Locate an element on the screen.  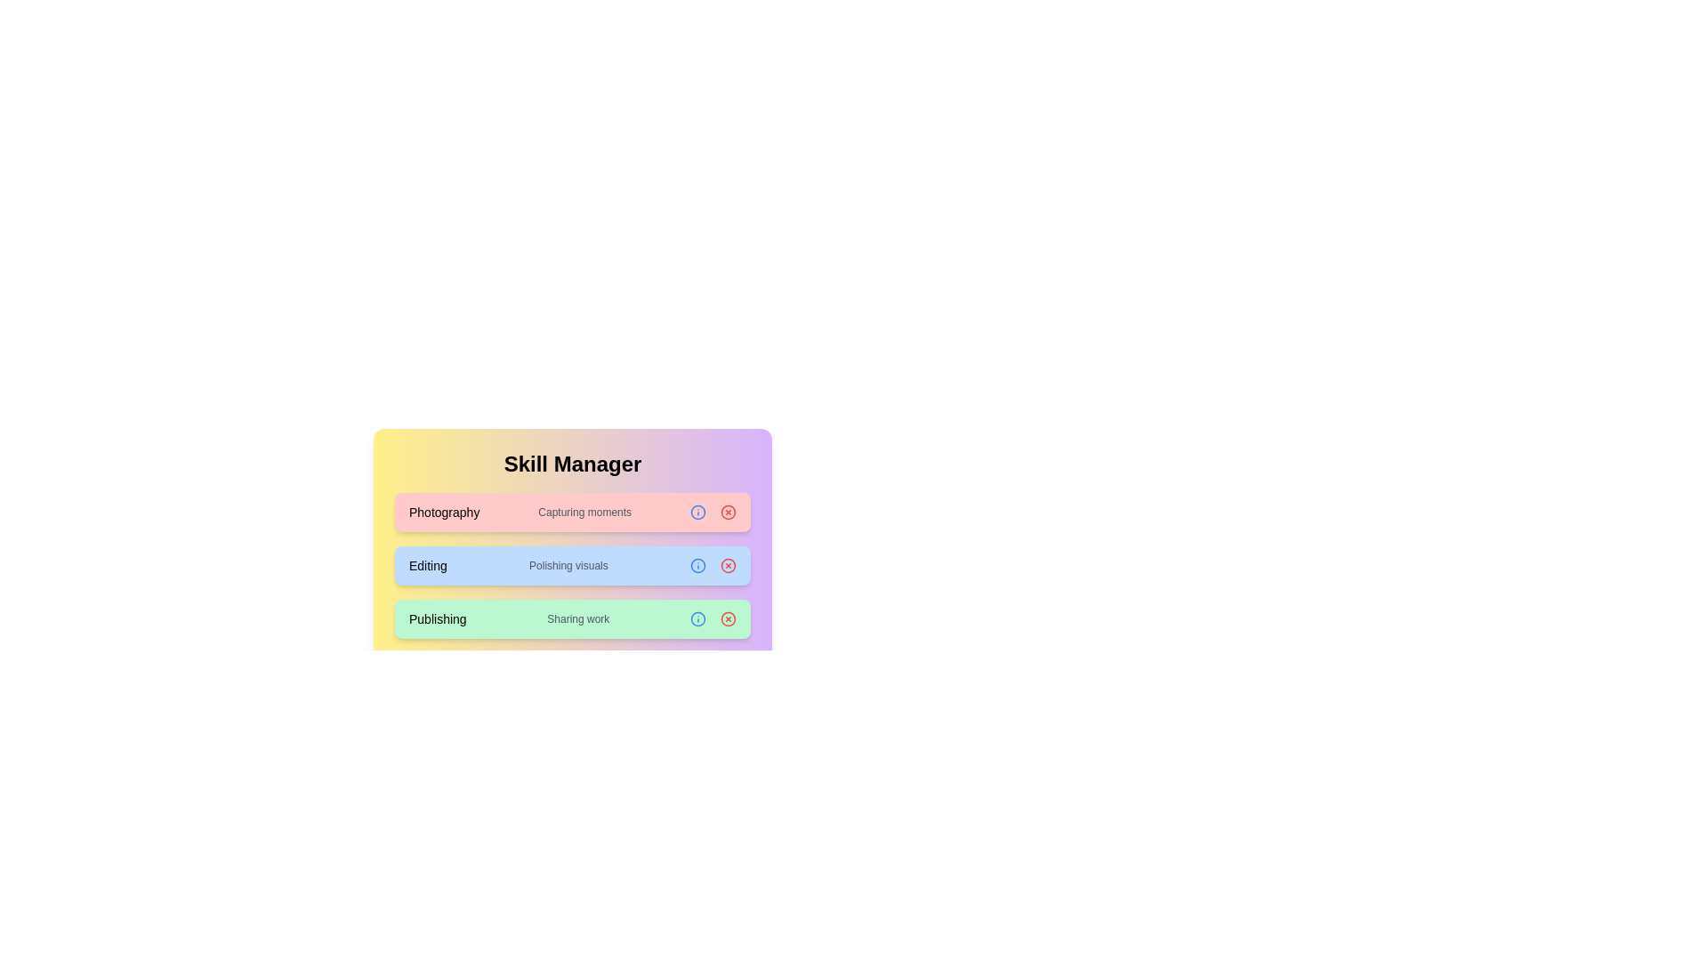
the chip corresponding to Editing is located at coordinates (729, 566).